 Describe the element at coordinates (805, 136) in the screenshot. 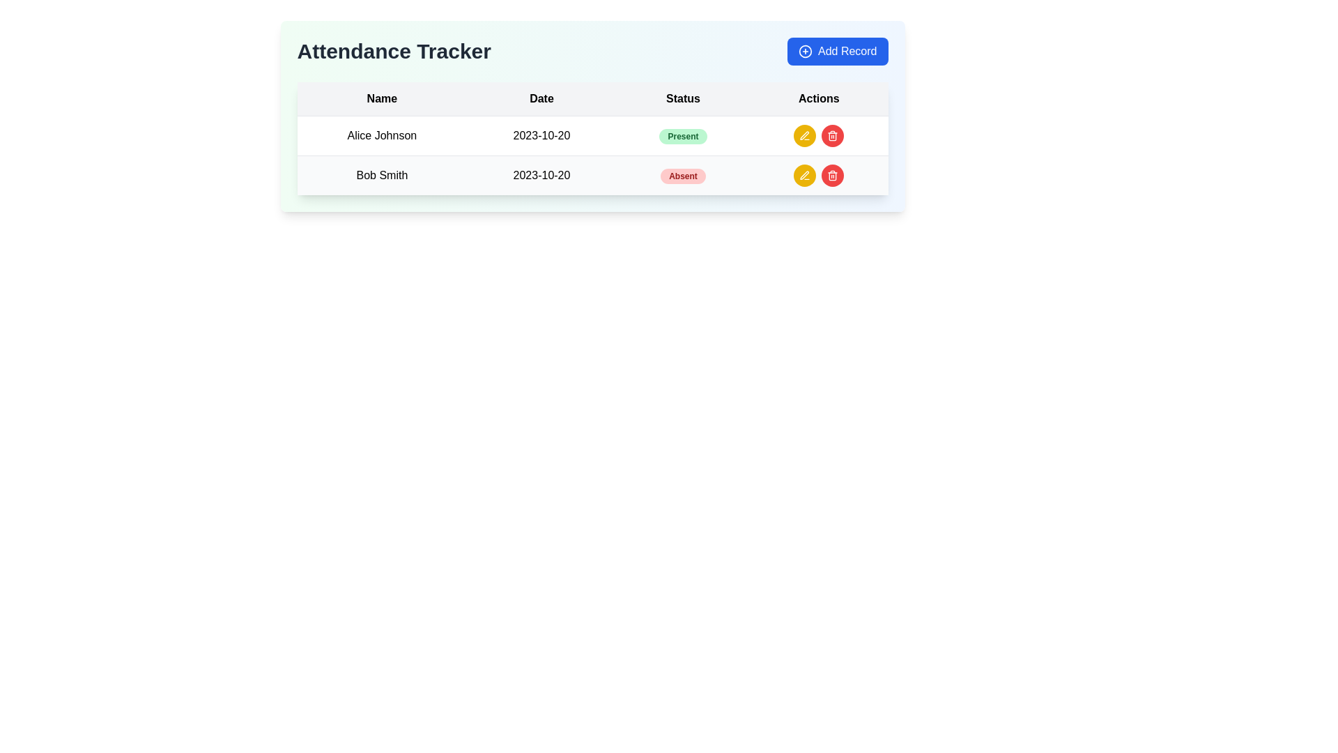

I see `the pen icon button with a yellow circular background located in the 'Actions' column of the second row in the 'Attendance Tracker' interface to trigger the tooltip or focus effect` at that location.